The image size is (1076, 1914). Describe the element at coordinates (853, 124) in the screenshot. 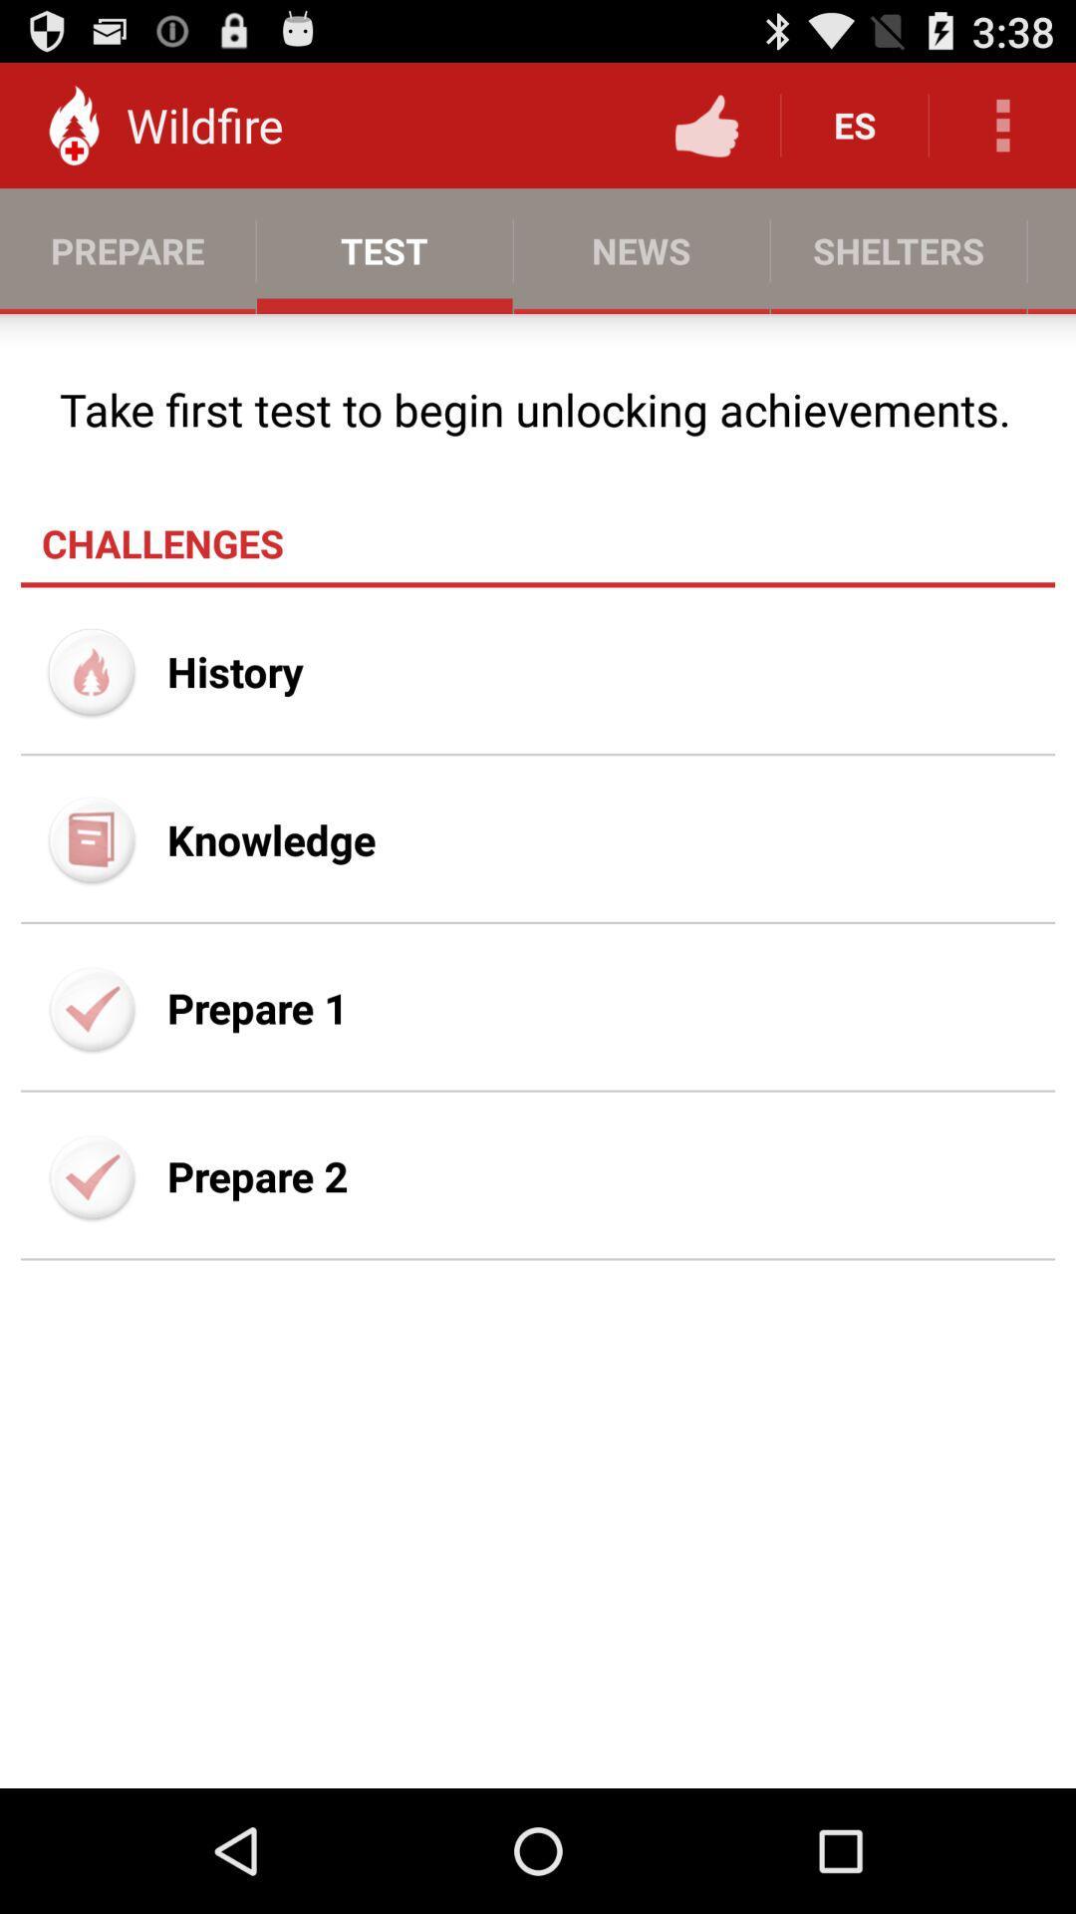

I see `es` at that location.